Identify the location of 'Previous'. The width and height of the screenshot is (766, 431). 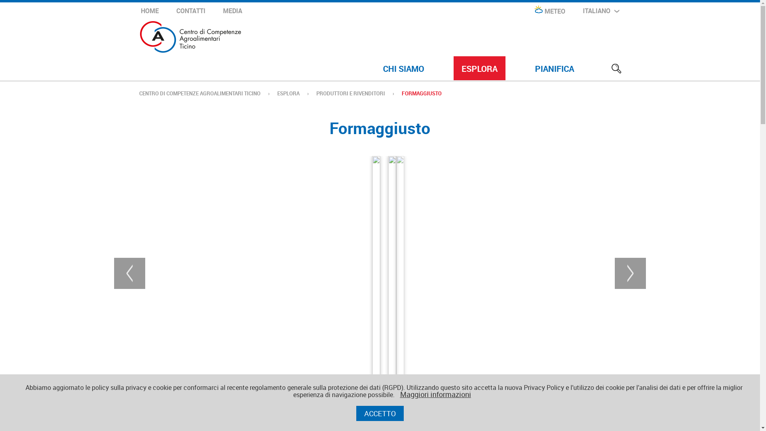
(130, 273).